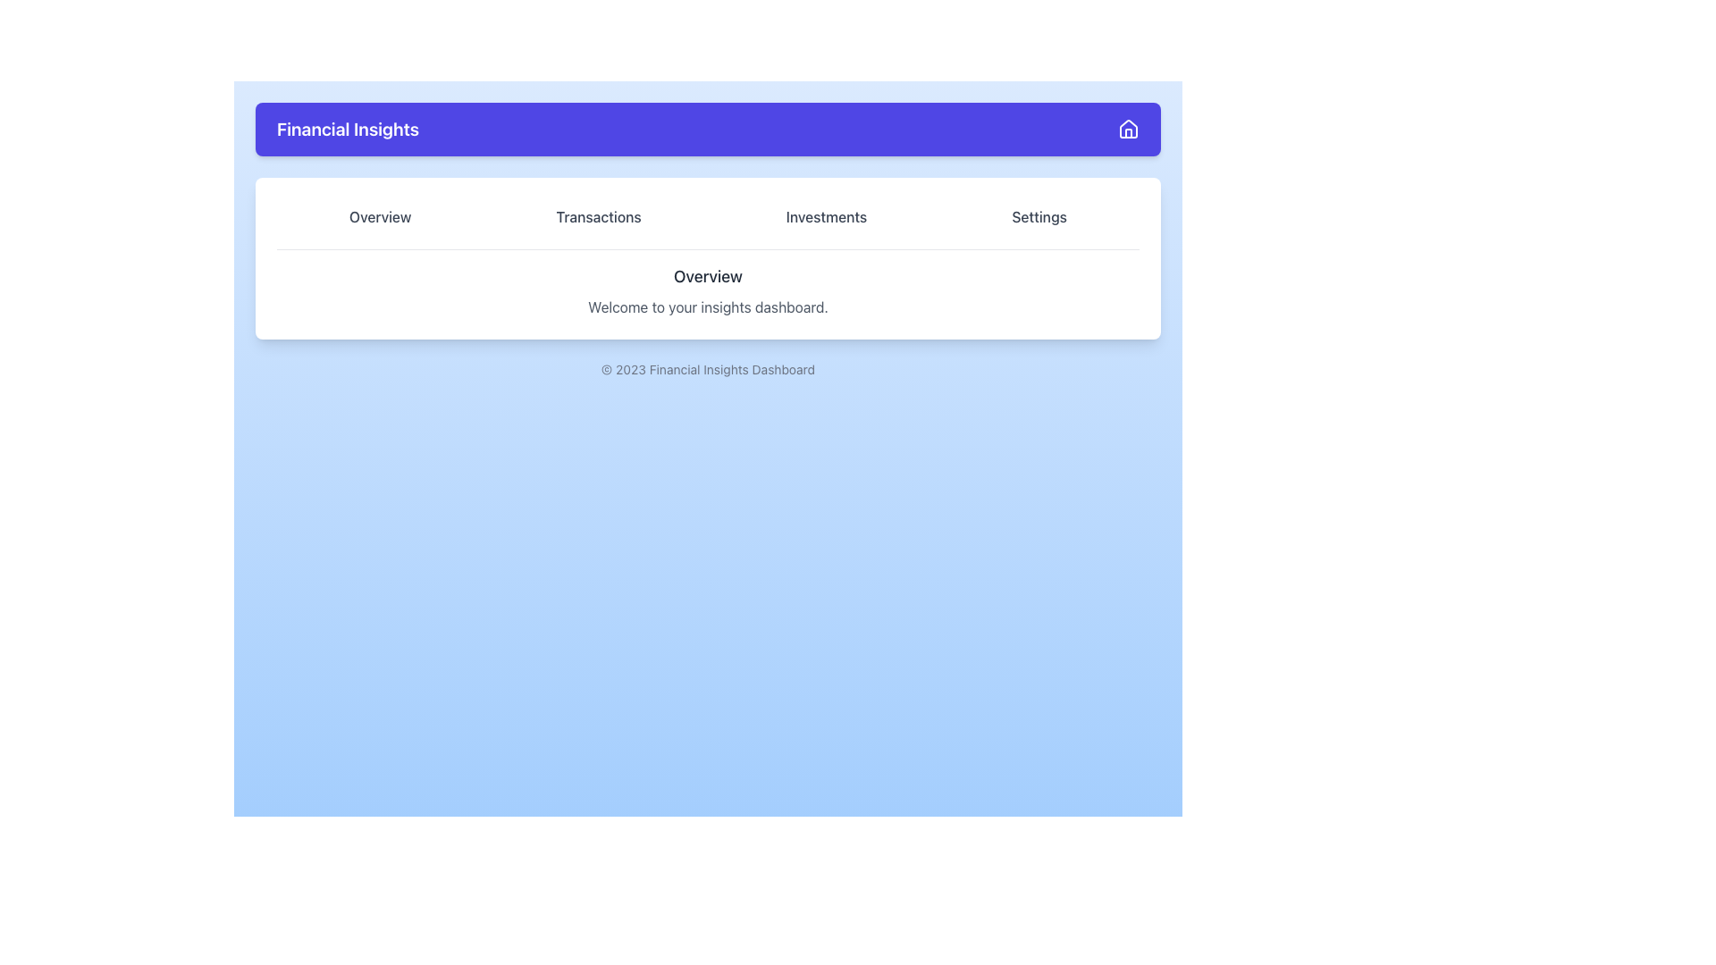 Image resolution: width=1716 pixels, height=965 pixels. What do you see at coordinates (707, 306) in the screenshot?
I see `introductory text label positioned below the 'Overview' header in the dashboard context` at bounding box center [707, 306].